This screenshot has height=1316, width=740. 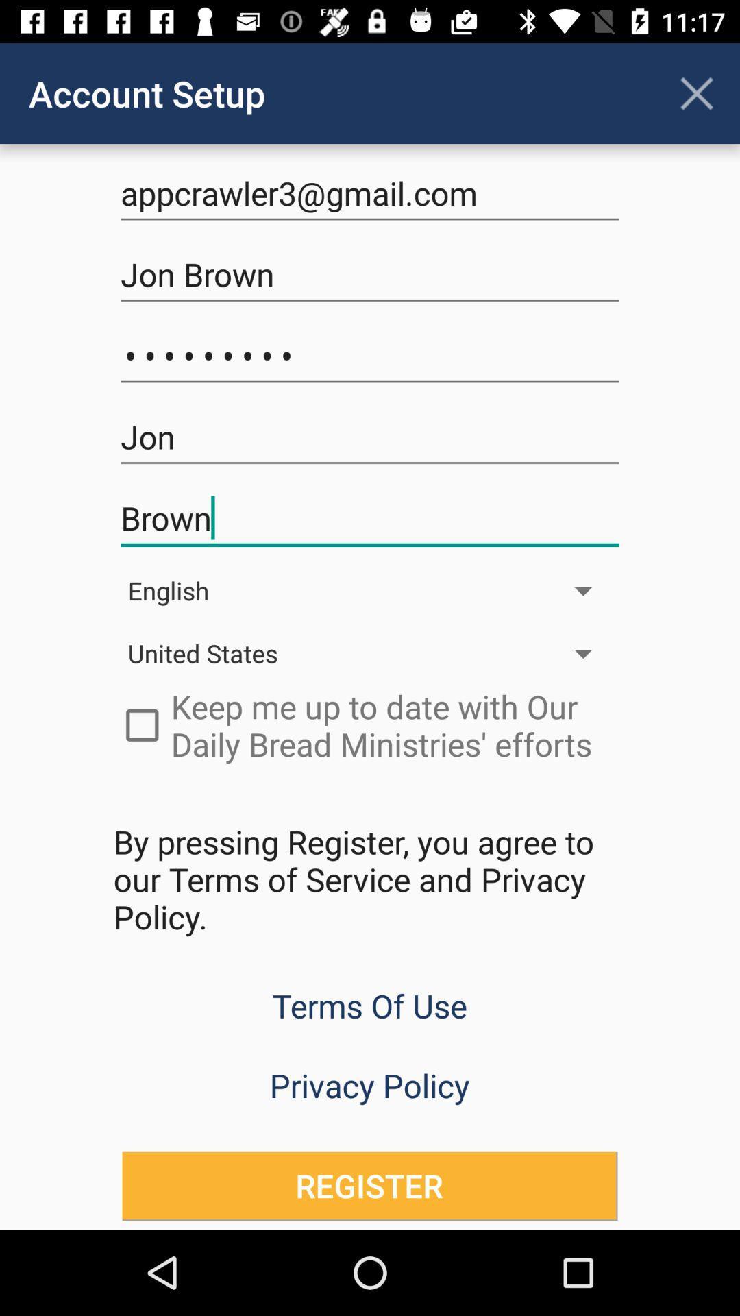 I want to click on the field below united states, so click(x=370, y=724).